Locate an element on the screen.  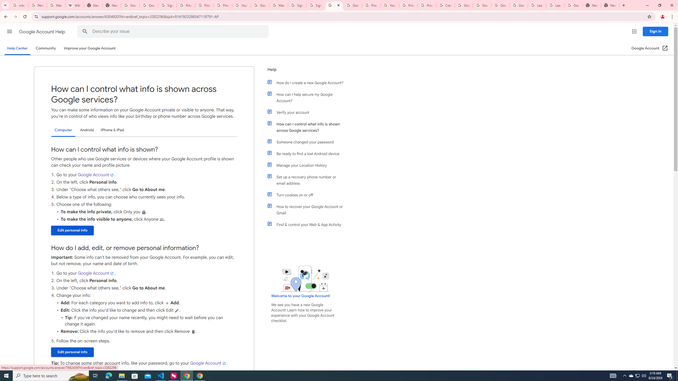
'Improve your Google Account' is located at coordinates (90, 48).